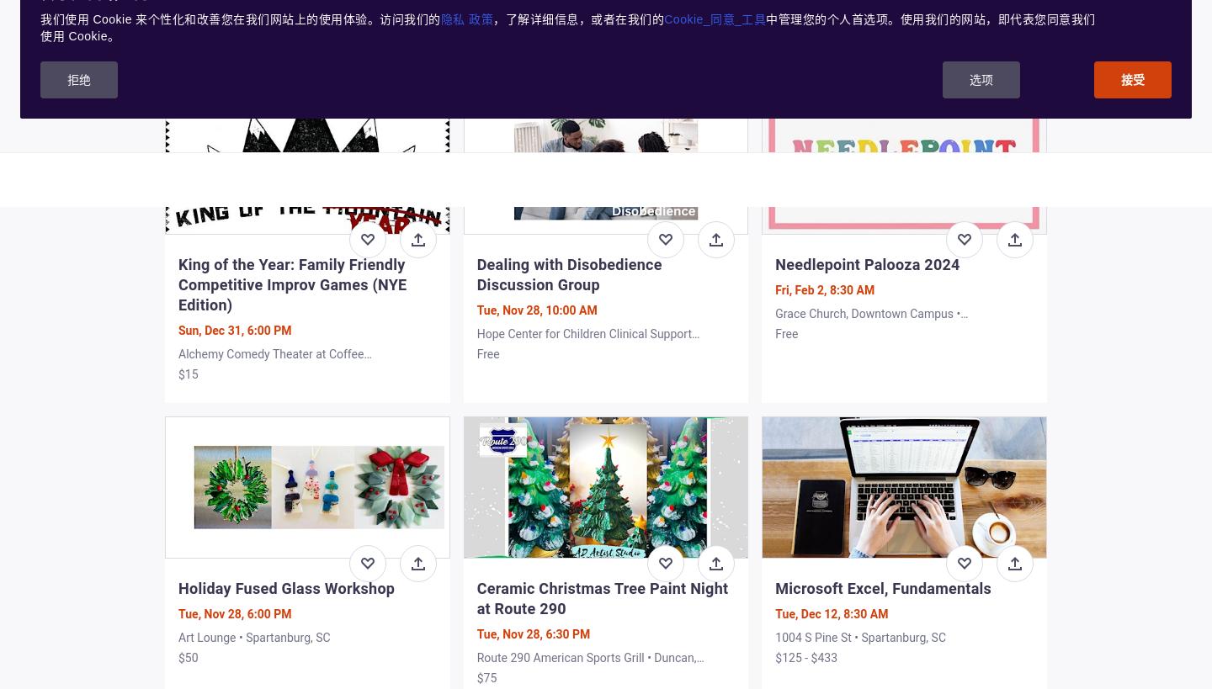 Image resolution: width=1212 pixels, height=689 pixels. Describe the element at coordinates (178, 373) in the screenshot. I see `'$15'` at that location.